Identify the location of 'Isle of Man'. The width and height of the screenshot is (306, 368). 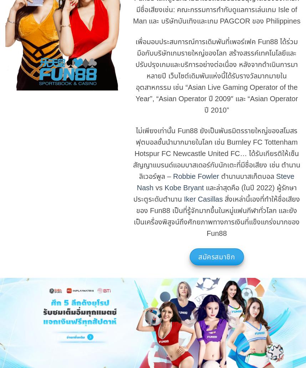
(215, 15).